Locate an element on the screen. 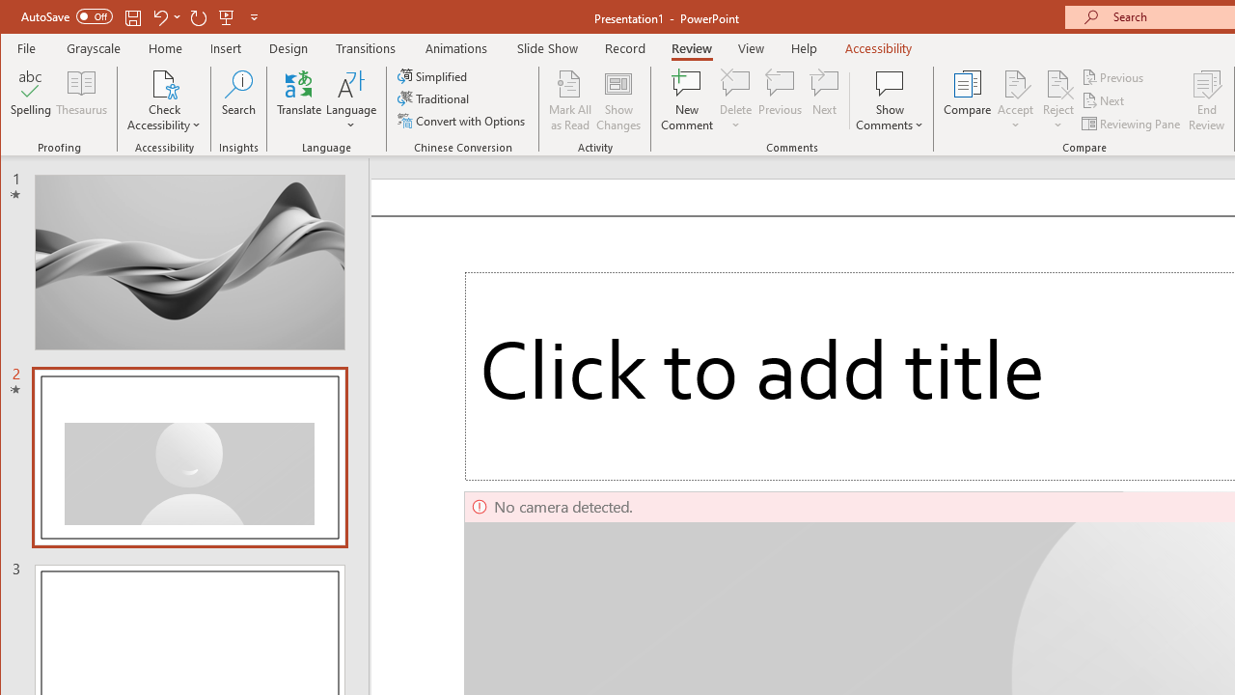 Image resolution: width=1235 pixels, height=695 pixels. 'Grayscale' is located at coordinates (93, 47).